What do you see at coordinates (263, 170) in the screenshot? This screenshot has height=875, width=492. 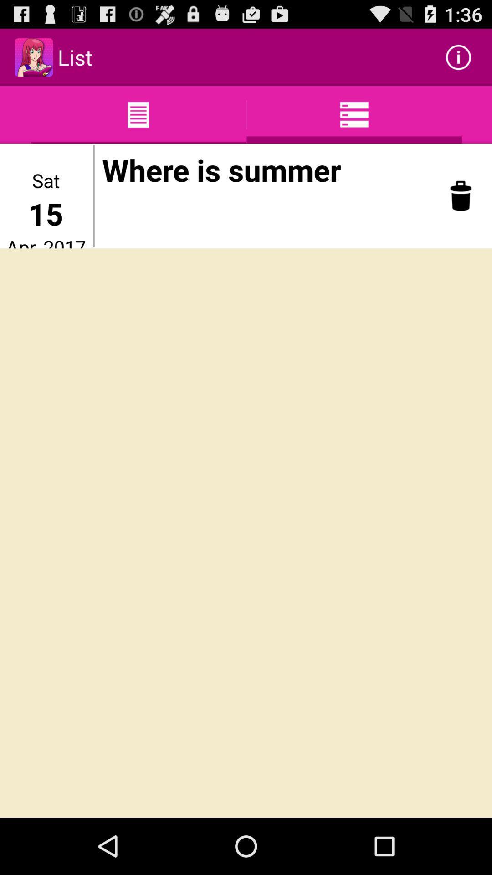 I see `item at the top` at bounding box center [263, 170].